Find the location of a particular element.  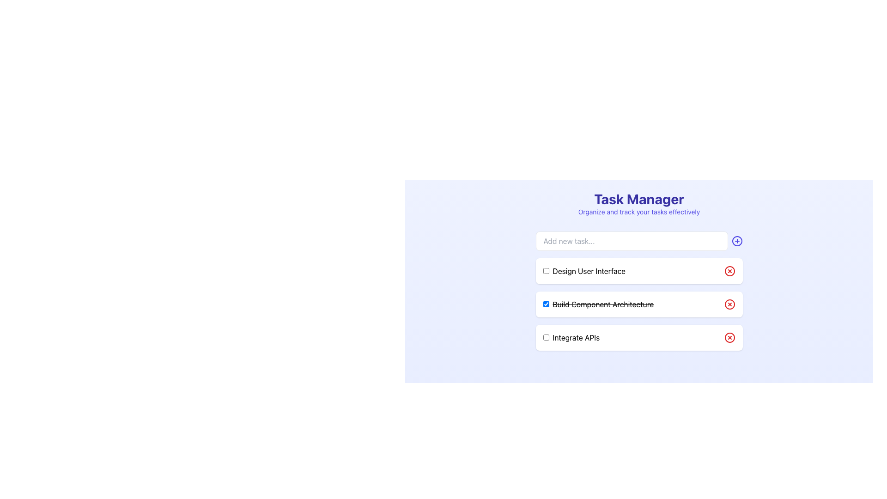

the checkbox is located at coordinates (546, 337).